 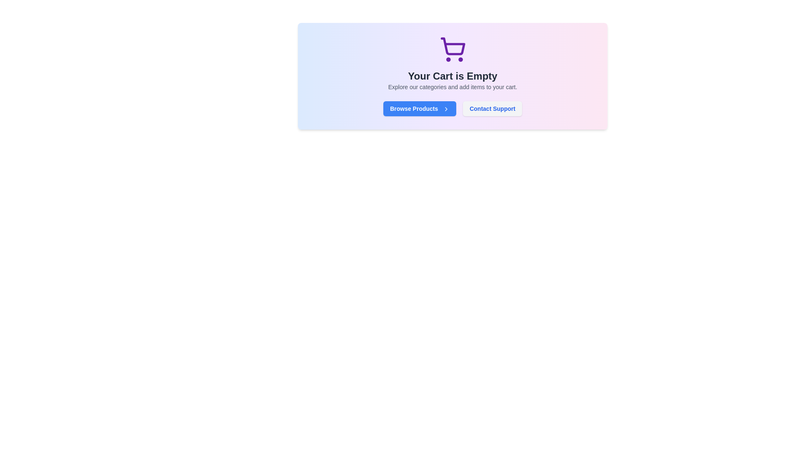 What do you see at coordinates (492, 108) in the screenshot?
I see `the support button located to the right of the 'Browse Products' button, which is part of a horizontally aligned button group in the 'Your Cart is Empty' card` at bounding box center [492, 108].